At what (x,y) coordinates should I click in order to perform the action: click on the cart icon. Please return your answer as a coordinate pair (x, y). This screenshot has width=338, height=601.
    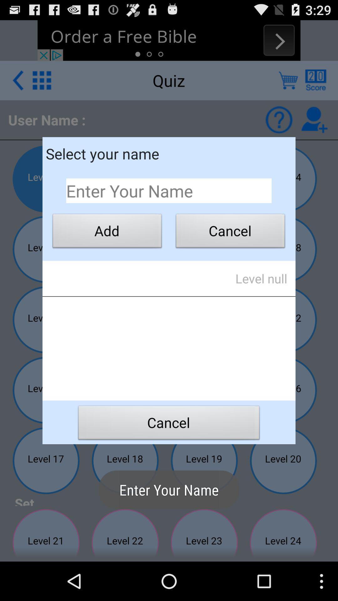
    Looking at the image, I should click on (288, 85).